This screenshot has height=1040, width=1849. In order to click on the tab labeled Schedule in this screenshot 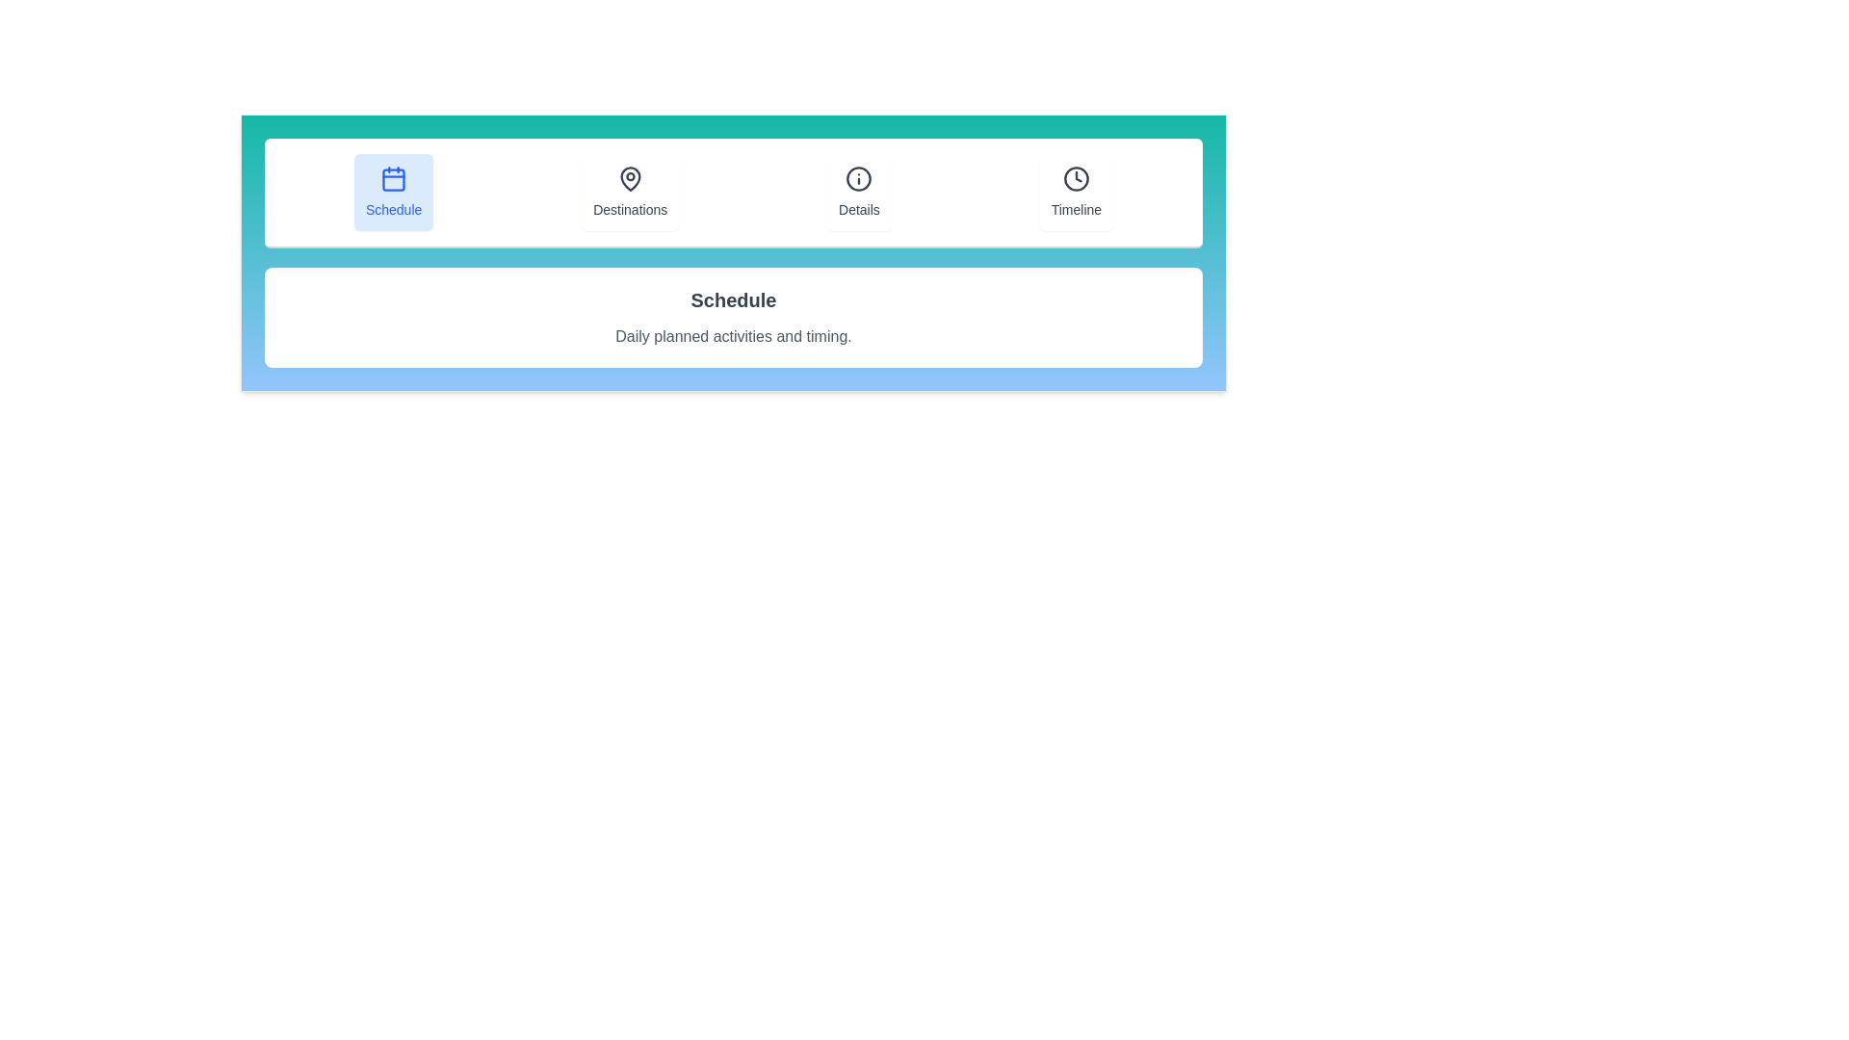, I will do `click(392, 193)`.